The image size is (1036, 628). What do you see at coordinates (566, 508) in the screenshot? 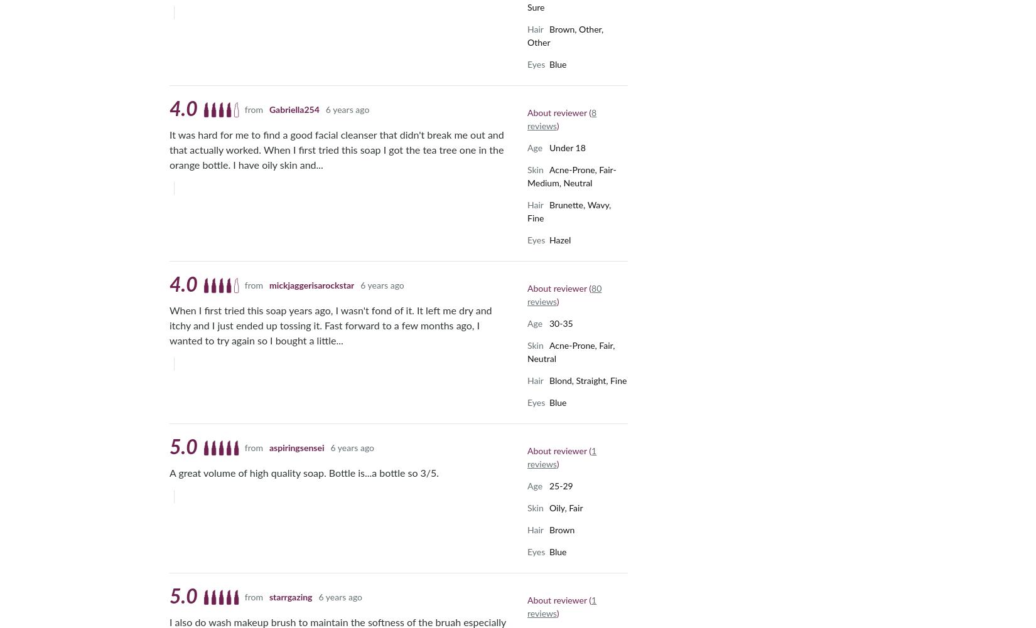
I see `'Oily, Fair'` at bounding box center [566, 508].